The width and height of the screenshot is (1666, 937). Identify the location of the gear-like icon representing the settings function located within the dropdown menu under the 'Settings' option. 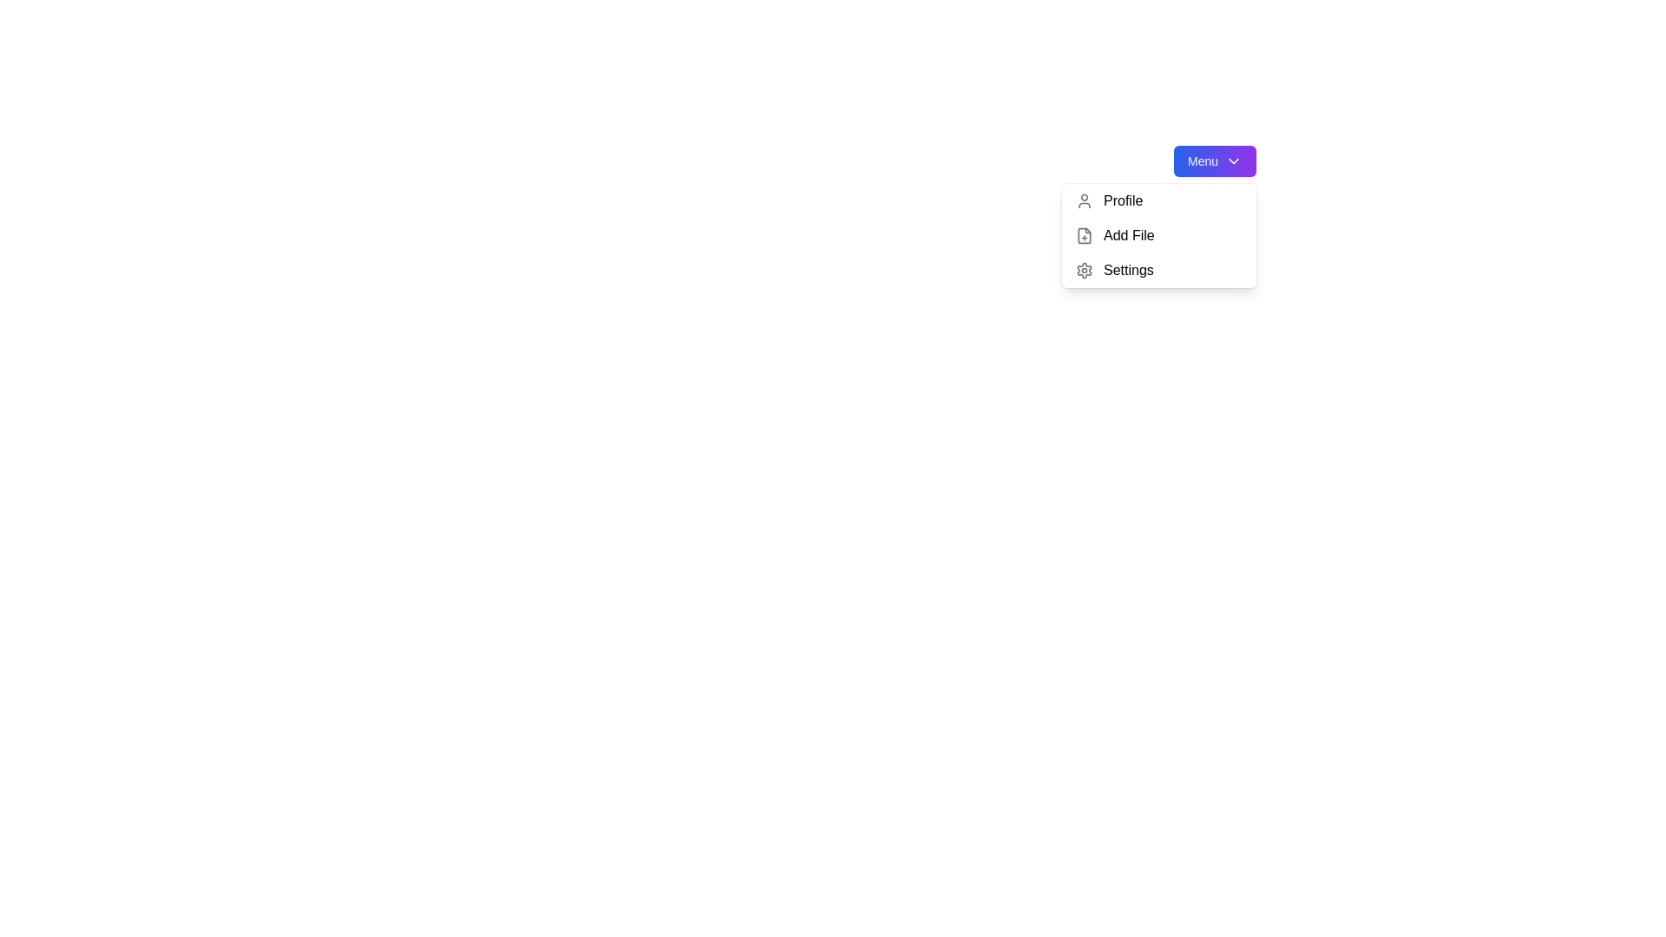
(1083, 271).